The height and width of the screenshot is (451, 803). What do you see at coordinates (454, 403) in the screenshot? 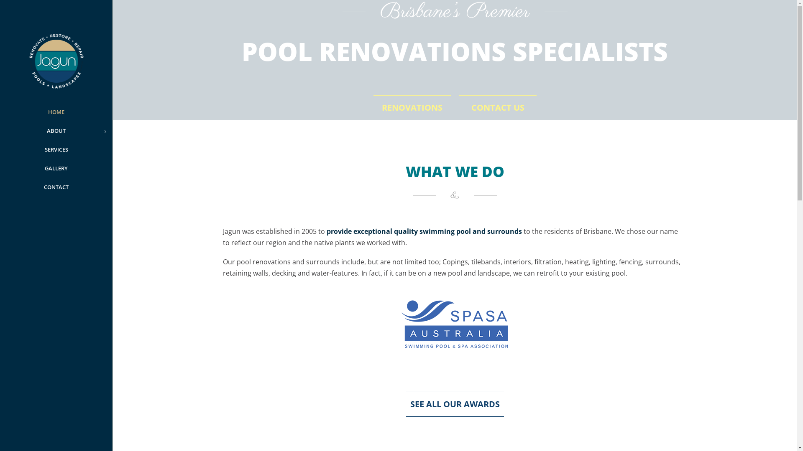
I see `'SEE ALL OUR AWARDS'` at bounding box center [454, 403].